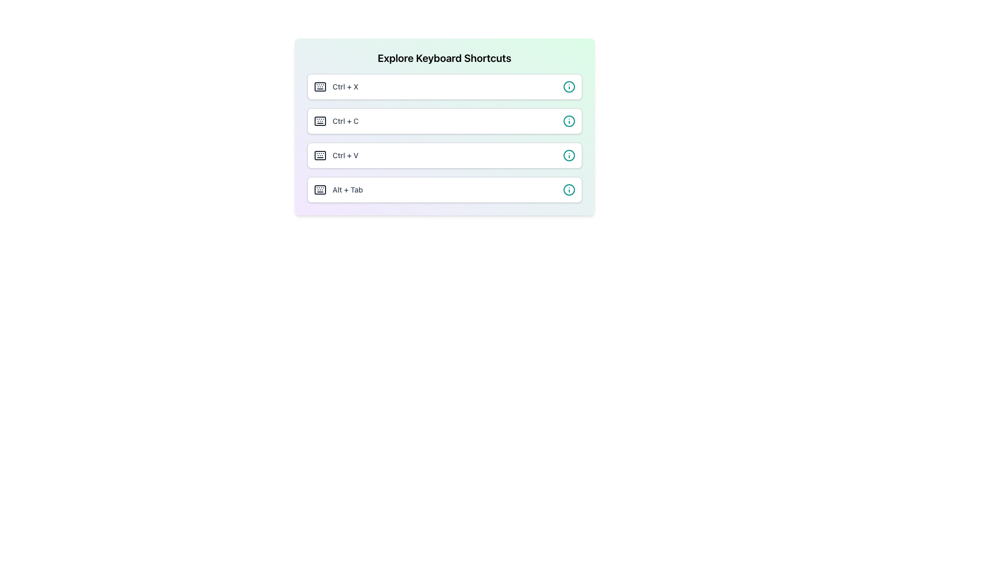 This screenshot has width=1000, height=562. Describe the element at coordinates (568, 86) in the screenshot. I see `the circular greenish icon with an outlined design located at the far right of the 'Ctrl + X' button` at that location.